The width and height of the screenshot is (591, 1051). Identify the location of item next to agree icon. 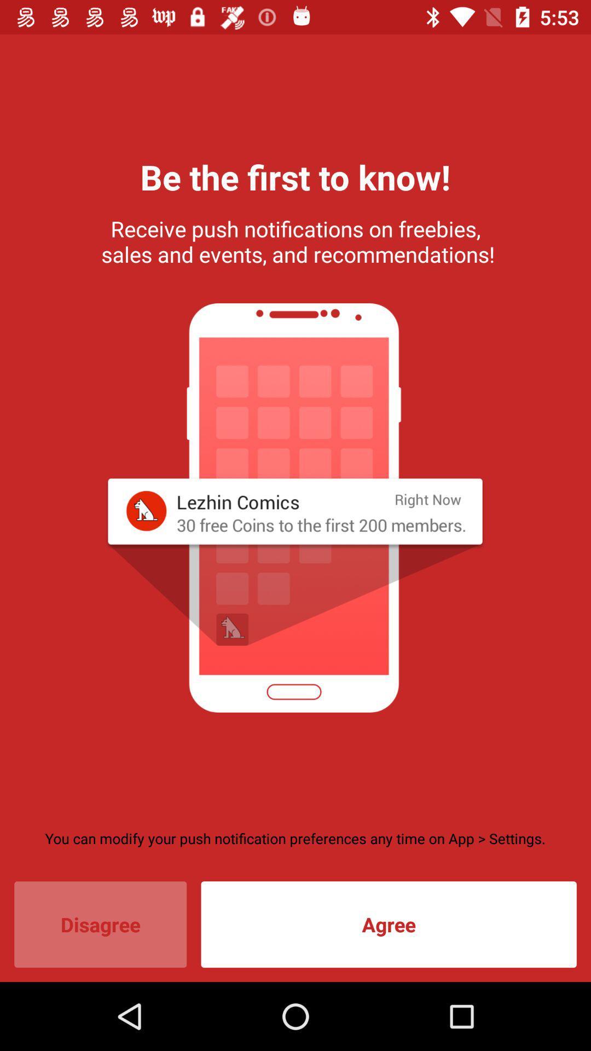
(100, 924).